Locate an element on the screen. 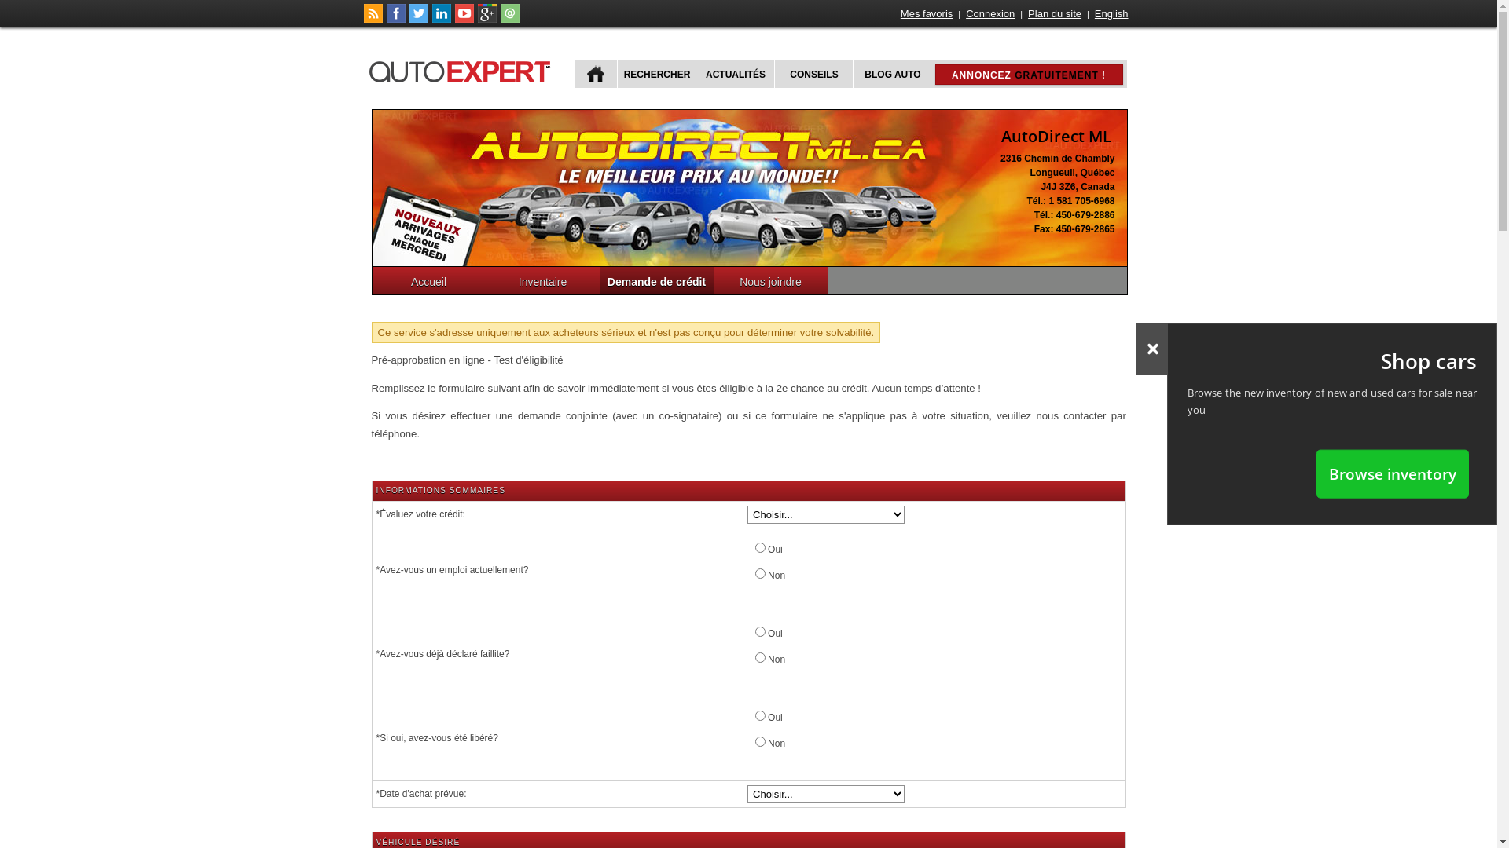 The height and width of the screenshot is (848, 1509). 'autoExpert.ca' is located at coordinates (462, 68).